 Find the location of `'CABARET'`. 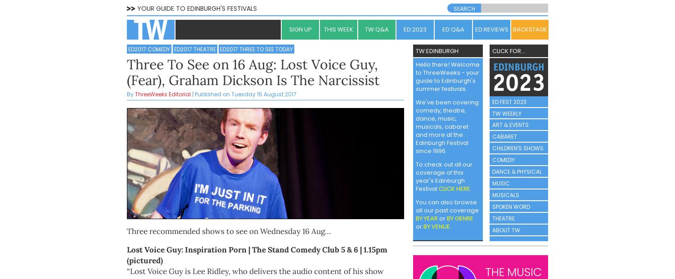

'CABARET' is located at coordinates (504, 136).